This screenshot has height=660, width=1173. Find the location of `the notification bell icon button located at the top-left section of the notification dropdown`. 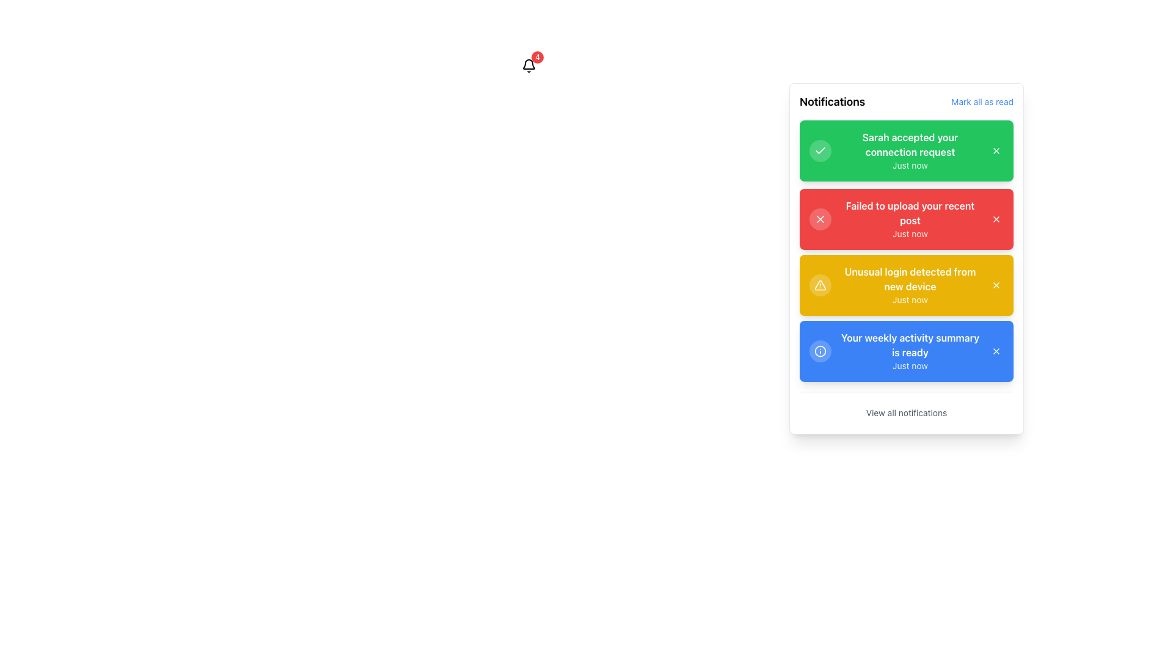

the notification bell icon button located at the top-left section of the notification dropdown is located at coordinates (528, 66).